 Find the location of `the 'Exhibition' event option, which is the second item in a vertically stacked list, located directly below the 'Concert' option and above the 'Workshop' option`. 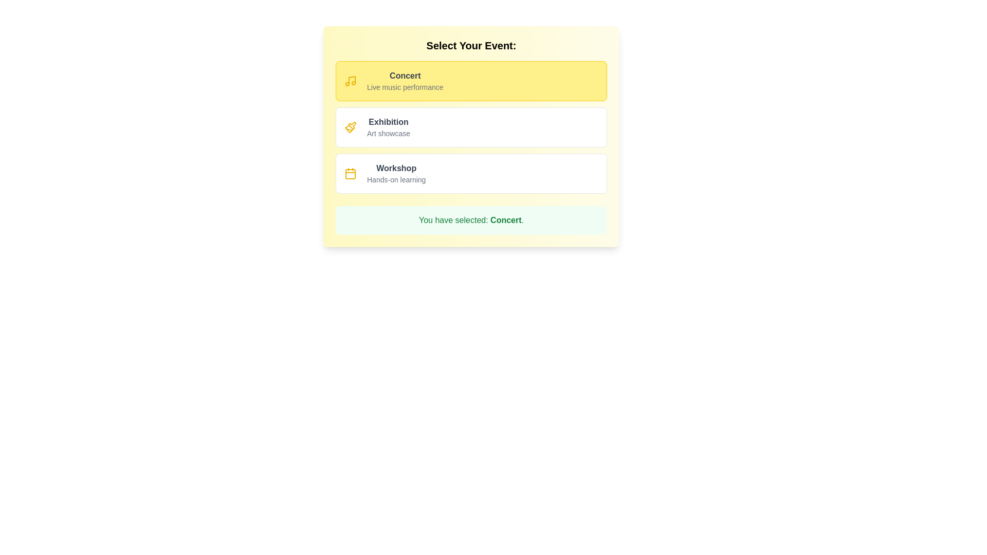

the 'Exhibition' event option, which is the second item in a vertically stacked list, located directly below the 'Concert' option and above the 'Workshop' option is located at coordinates (388, 126).